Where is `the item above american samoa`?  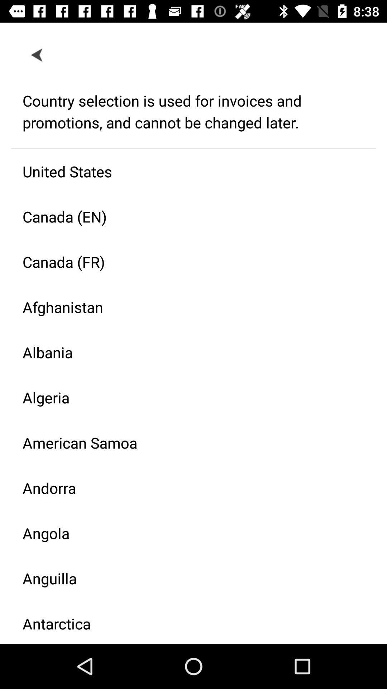
the item above american samoa is located at coordinates (187, 397).